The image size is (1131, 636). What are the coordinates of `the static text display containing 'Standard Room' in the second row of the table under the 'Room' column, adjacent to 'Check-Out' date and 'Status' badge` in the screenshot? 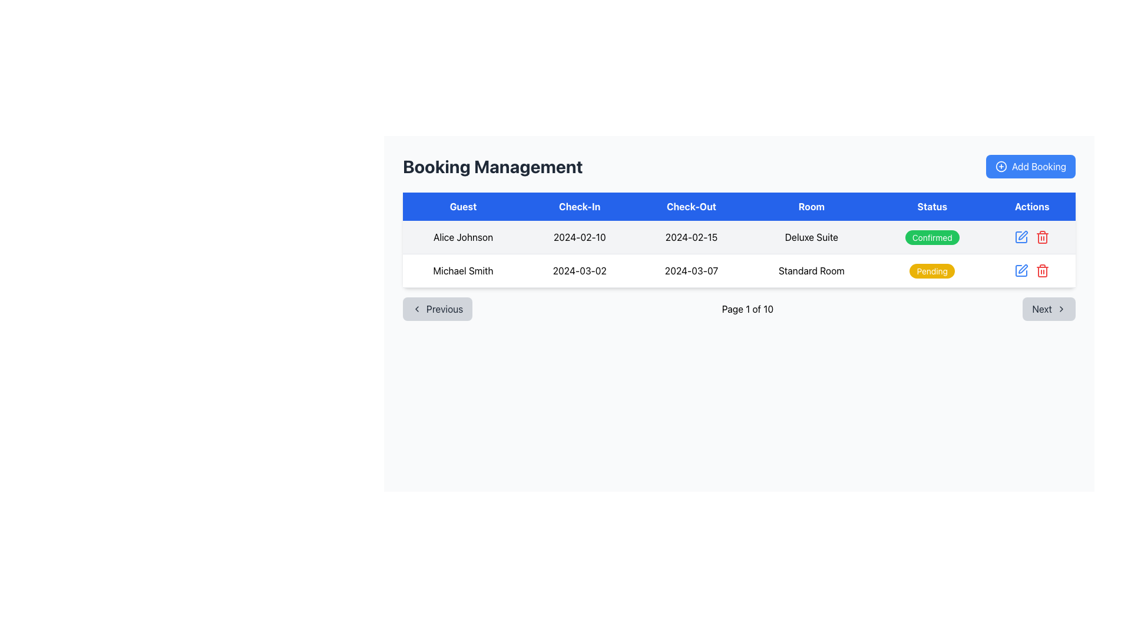 It's located at (811, 270).